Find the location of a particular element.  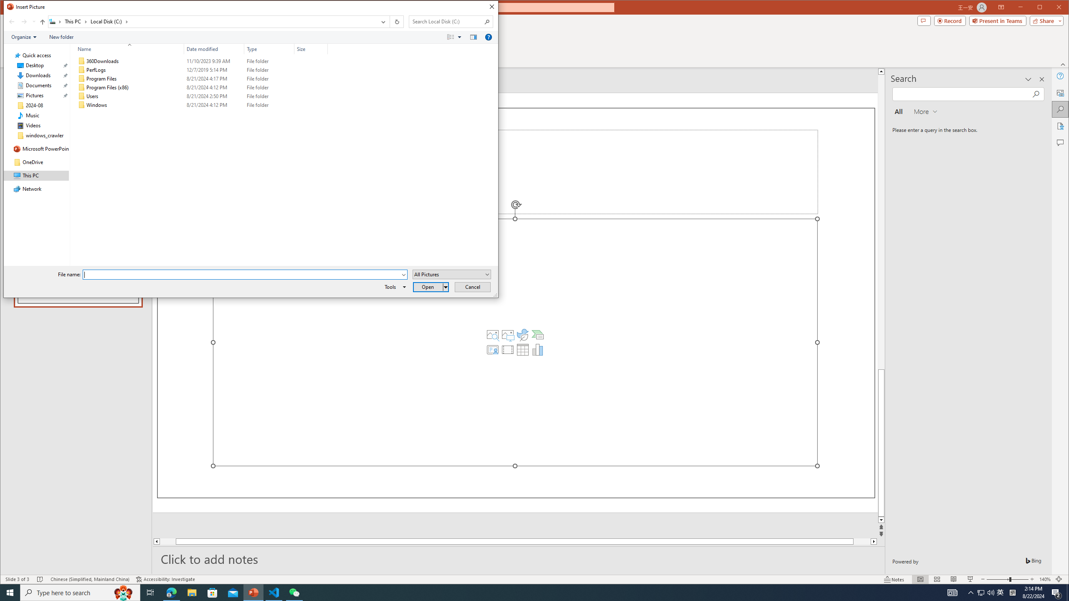

'Navigation buttons' is located at coordinates (21, 21).